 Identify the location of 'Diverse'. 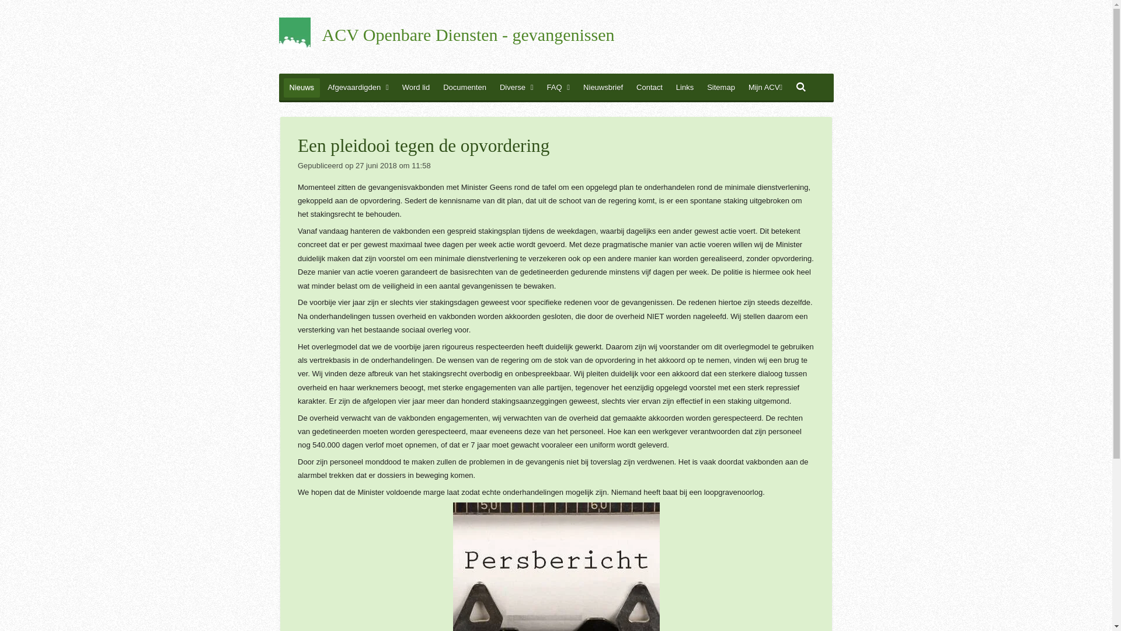
(516, 87).